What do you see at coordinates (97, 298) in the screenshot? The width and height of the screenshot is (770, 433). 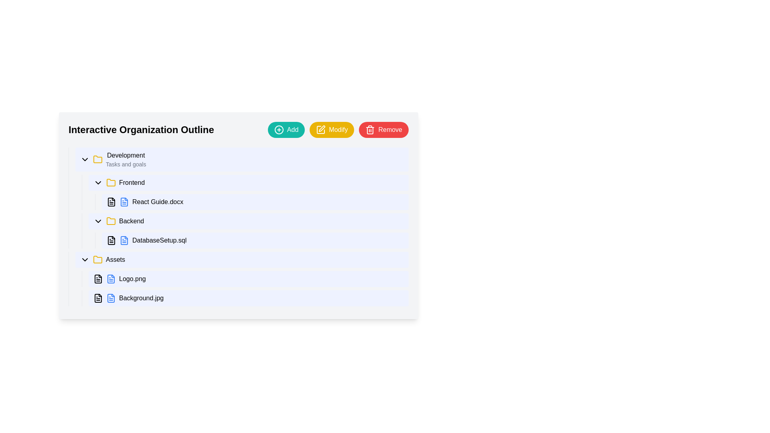 I see `the file icon resembling a document with a folded corner located in the 'Assets' section, adjacent to 'Background.jpg'` at bounding box center [97, 298].